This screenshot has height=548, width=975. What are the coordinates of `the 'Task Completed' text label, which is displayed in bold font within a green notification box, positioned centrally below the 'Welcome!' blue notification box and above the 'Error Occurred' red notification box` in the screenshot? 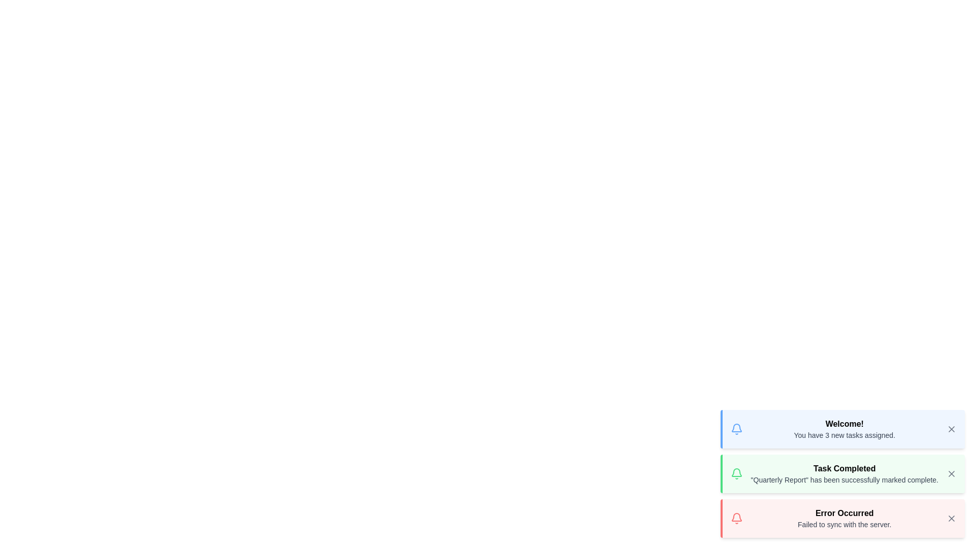 It's located at (844, 469).